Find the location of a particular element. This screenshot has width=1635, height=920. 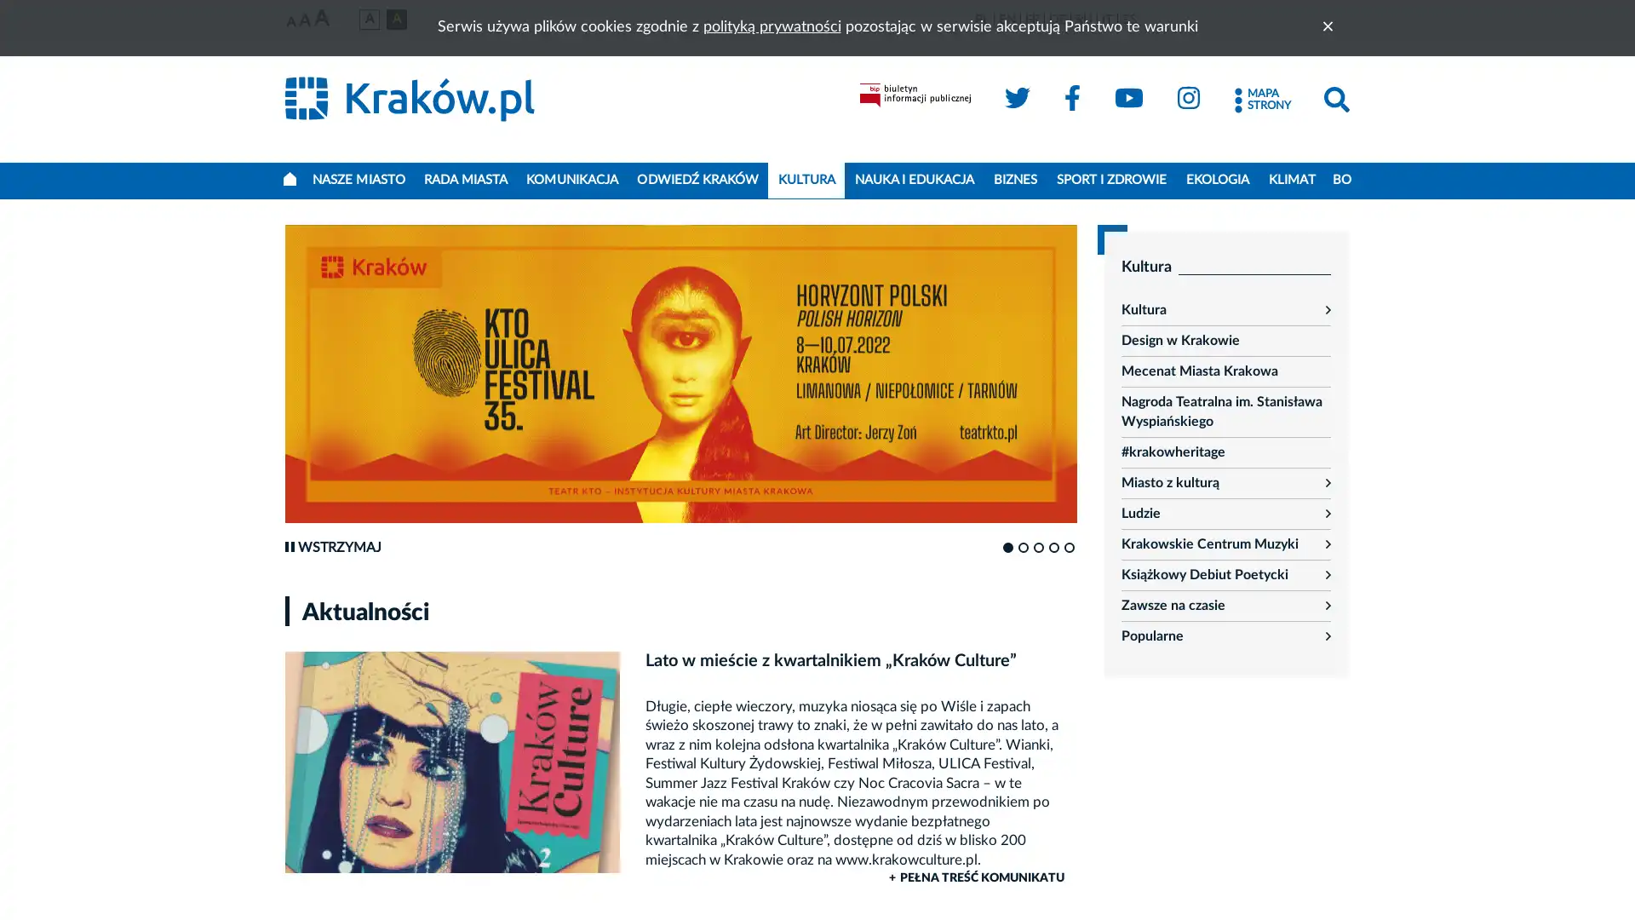

Go to slide 3 is located at coordinates (1037, 548).